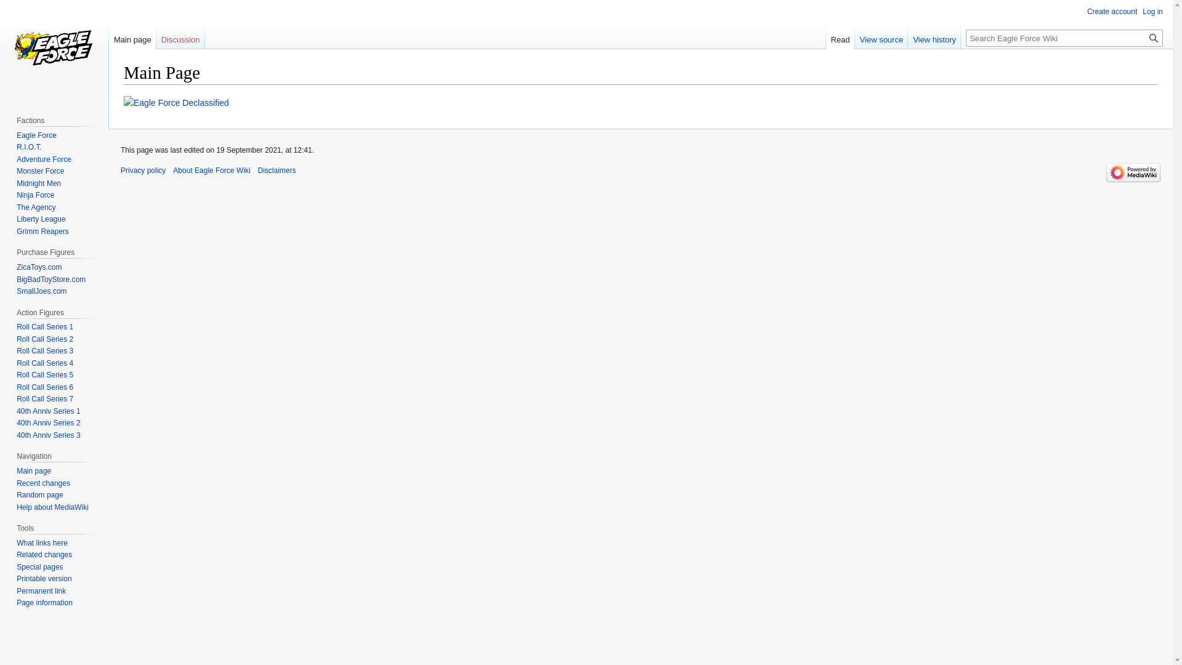  I want to click on 'Printable version', so click(44, 579).